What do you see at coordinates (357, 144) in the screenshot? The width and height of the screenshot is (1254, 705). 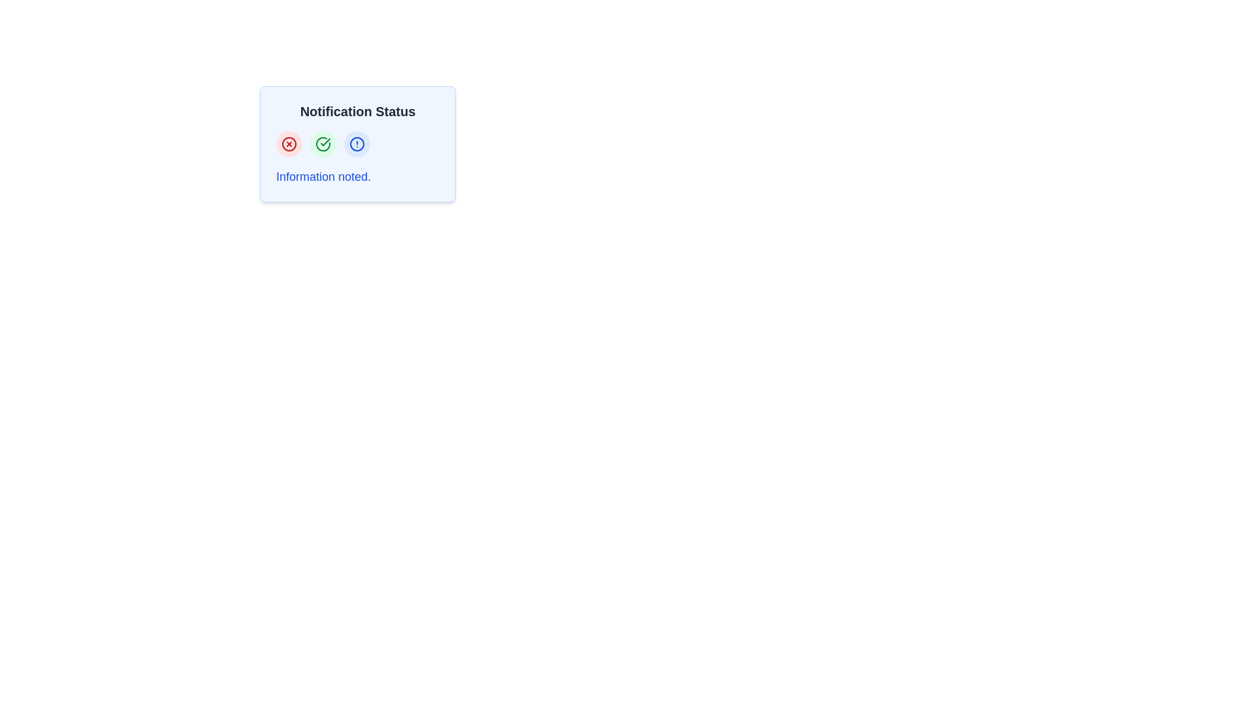 I see `the circular icon with a blue outline and a vertical exclamation line, which is the third icon from the left in the 'Notification Status' panel` at bounding box center [357, 144].